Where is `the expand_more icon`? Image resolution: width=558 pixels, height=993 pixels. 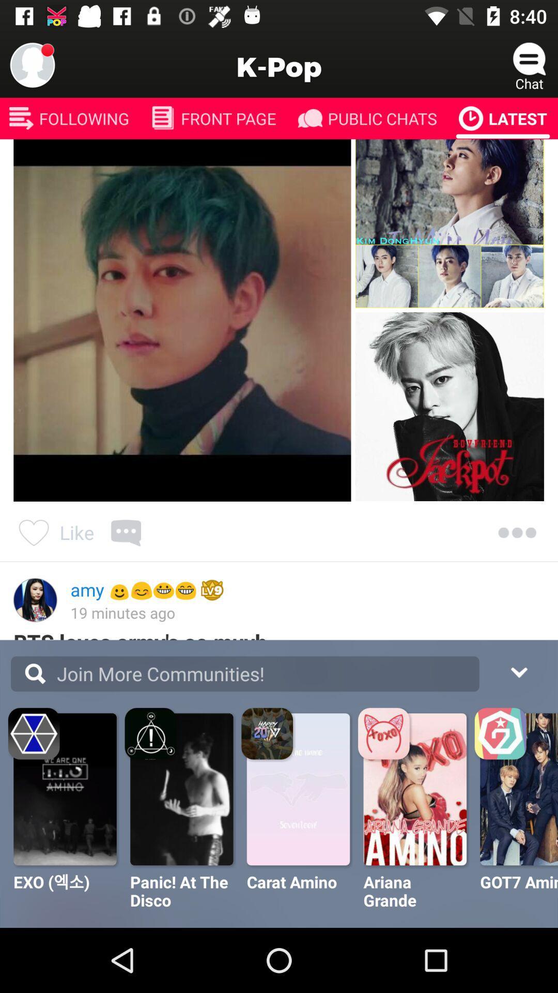
the expand_more icon is located at coordinates (518, 671).